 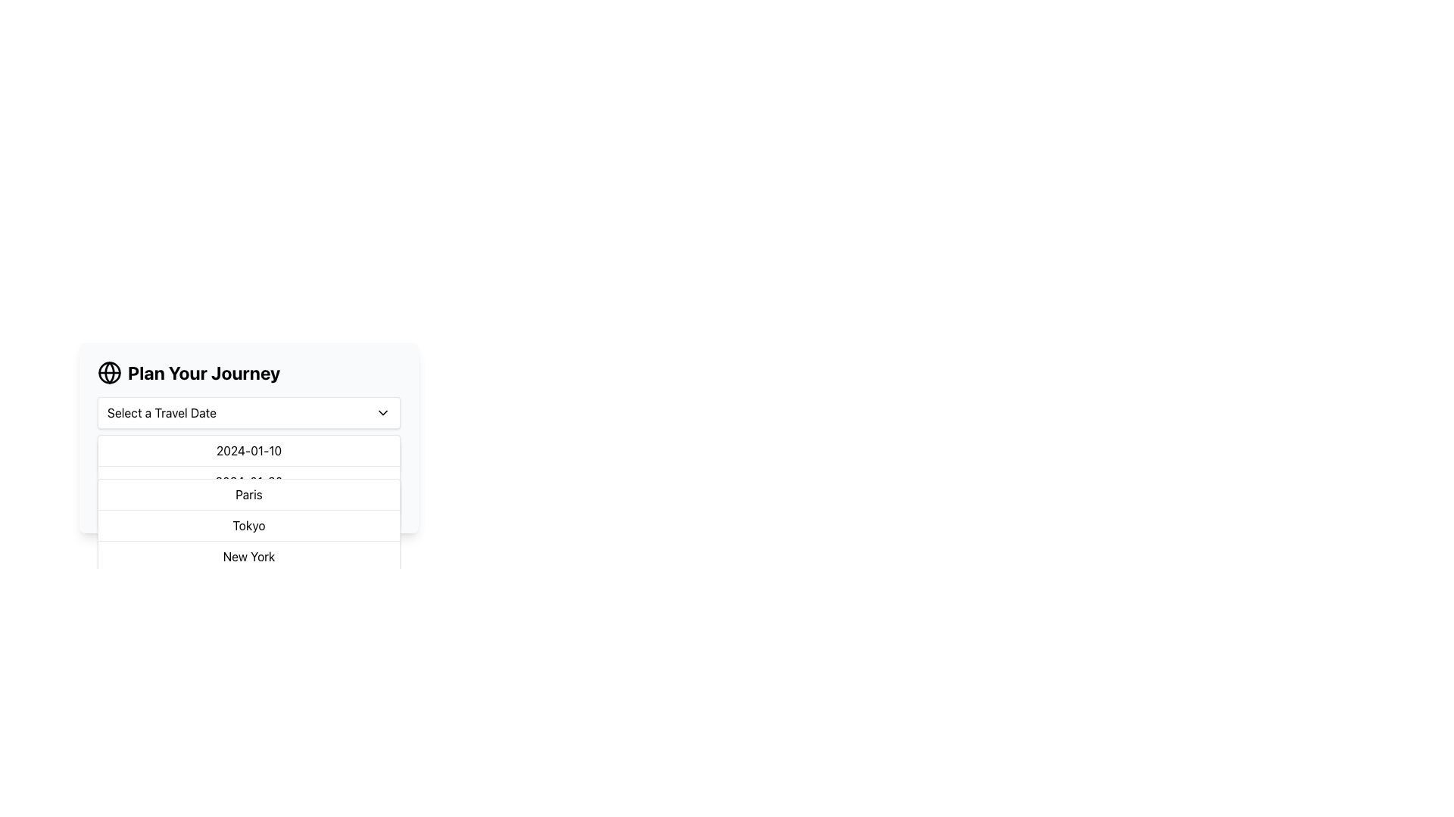 I want to click on the second item in the dropdown menu labeled 'Tokyo', so click(x=249, y=524).